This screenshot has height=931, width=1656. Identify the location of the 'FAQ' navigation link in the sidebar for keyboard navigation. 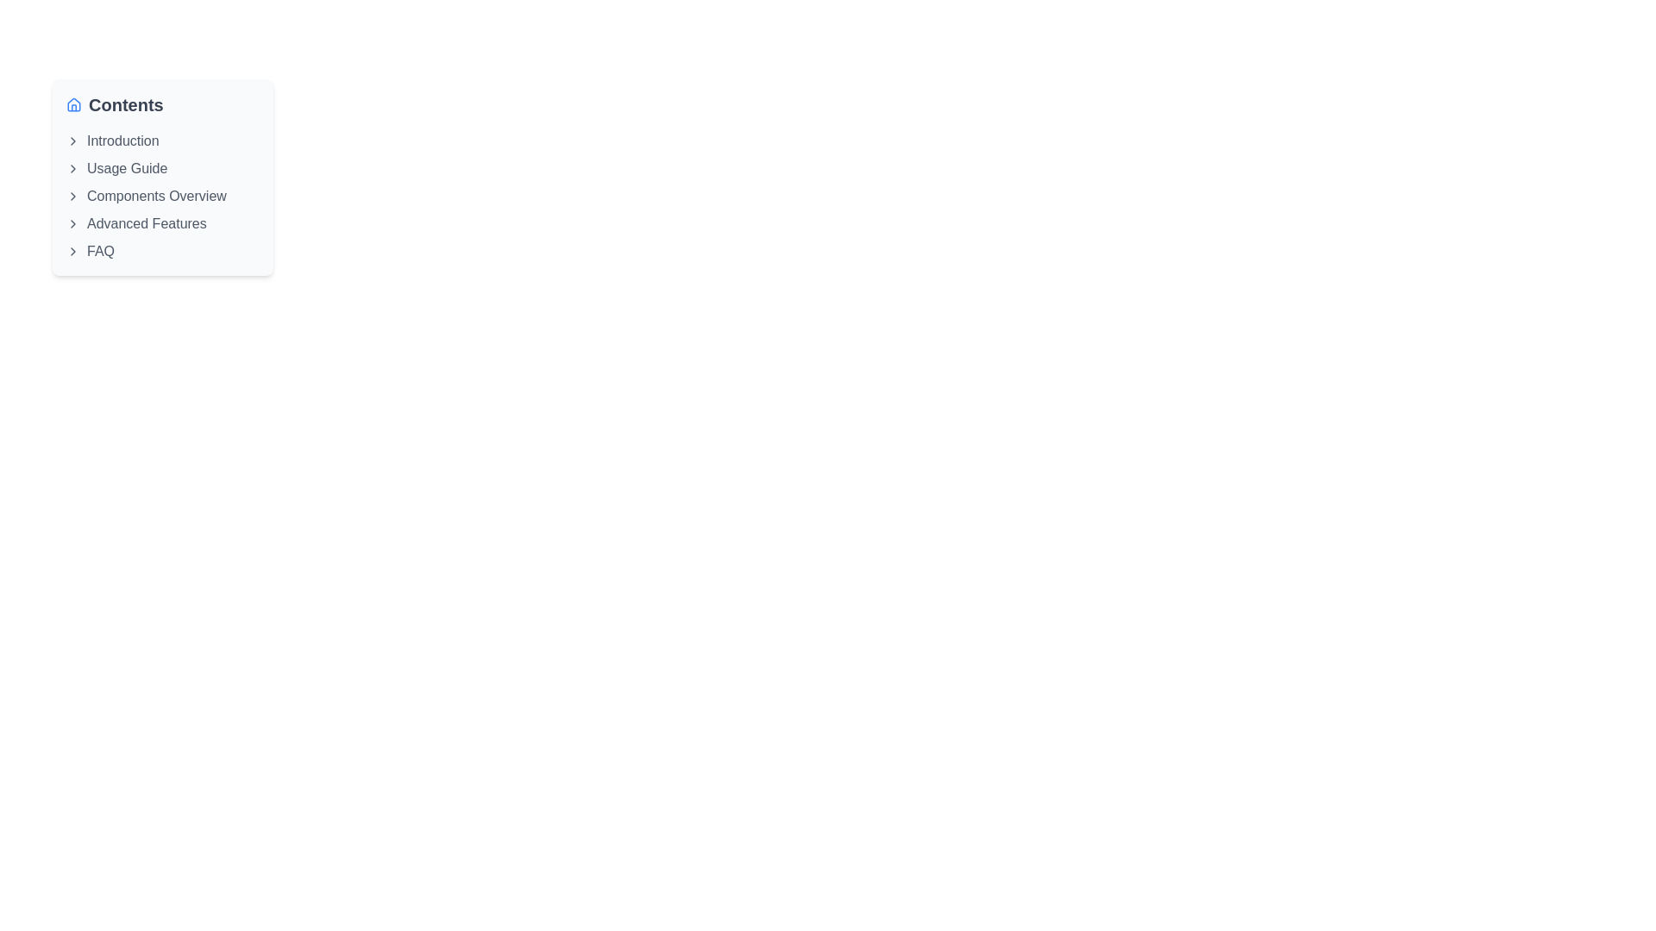
(162, 252).